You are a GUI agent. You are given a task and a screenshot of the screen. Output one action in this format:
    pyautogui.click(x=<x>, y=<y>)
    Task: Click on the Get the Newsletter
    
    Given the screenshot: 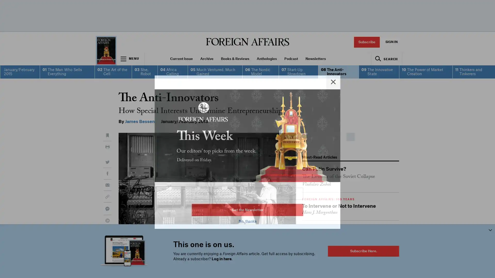 What is the action you would take?
    pyautogui.click(x=247, y=197)
    